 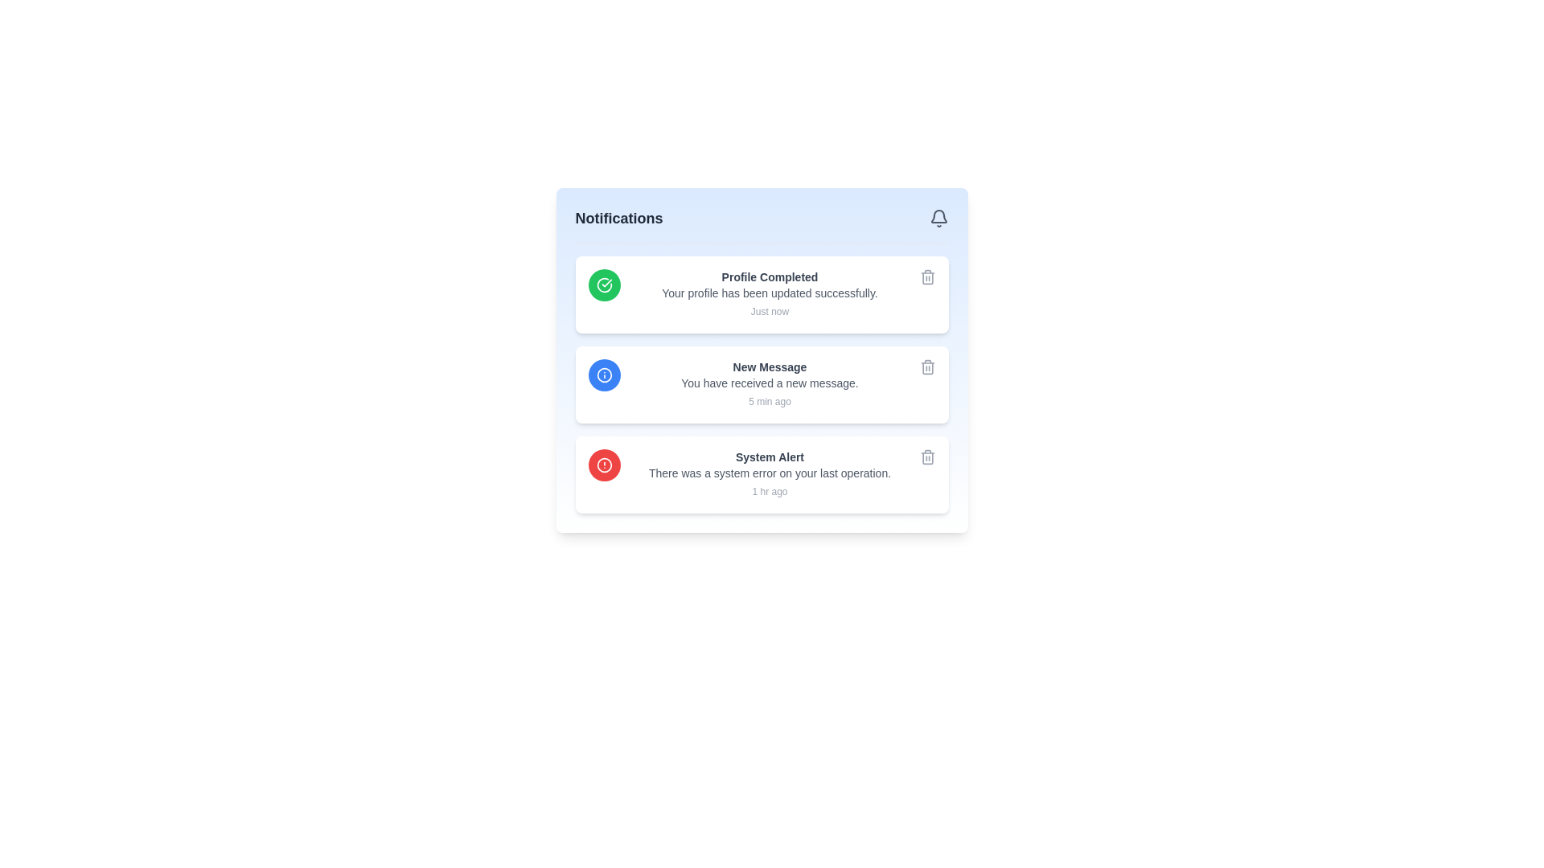 I want to click on displayed timestamp text from the 'System Alert' notification, which is located at the bottom right of the third notification entry, so click(x=769, y=491).